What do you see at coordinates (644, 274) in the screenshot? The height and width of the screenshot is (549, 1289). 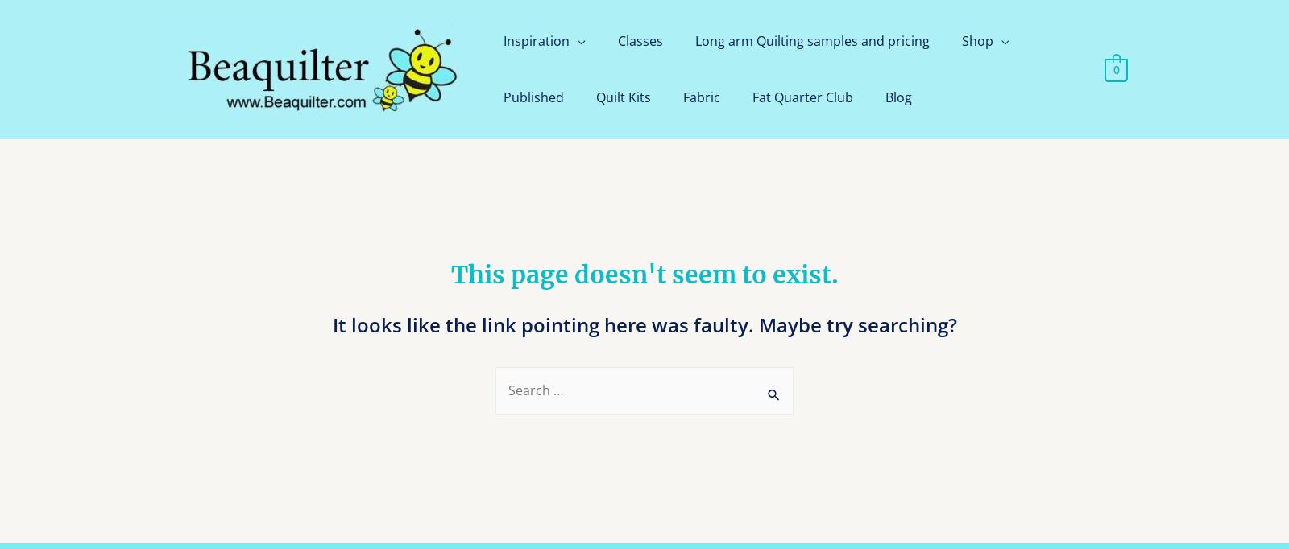 I see `'This page doesn't seem to exist.'` at bounding box center [644, 274].